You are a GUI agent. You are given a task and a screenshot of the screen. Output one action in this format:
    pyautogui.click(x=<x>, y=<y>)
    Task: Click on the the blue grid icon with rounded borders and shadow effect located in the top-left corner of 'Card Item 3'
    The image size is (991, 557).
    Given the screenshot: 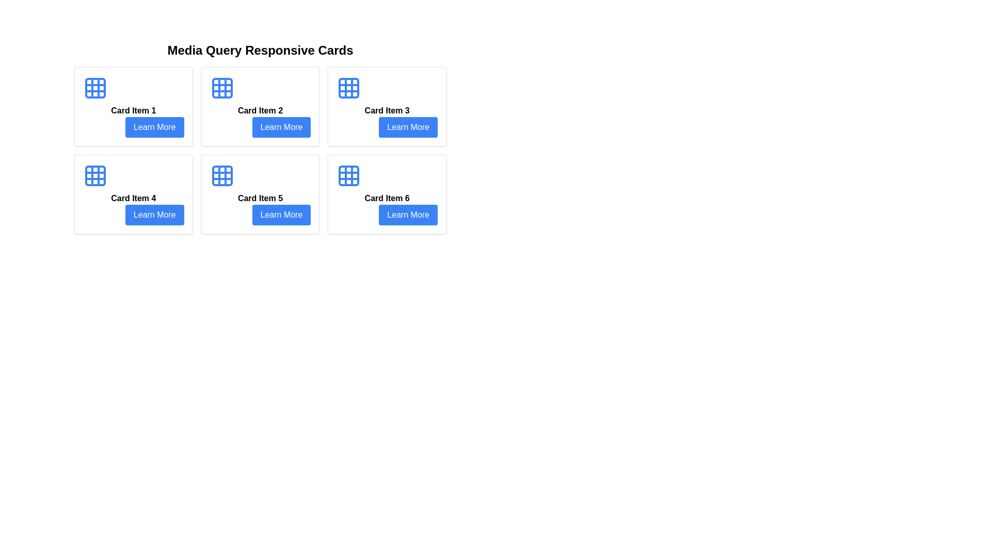 What is the action you would take?
    pyautogui.click(x=349, y=87)
    